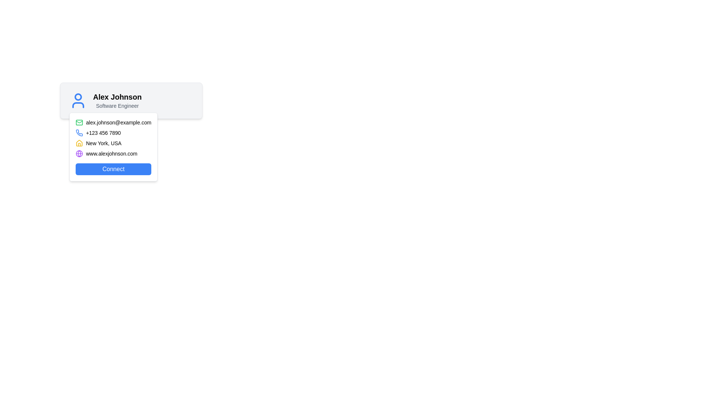  Describe the element at coordinates (113, 143) in the screenshot. I see `displayed location information from the Label with an icon that shows 'New York, USA', located in the third row of the contact information section` at that location.